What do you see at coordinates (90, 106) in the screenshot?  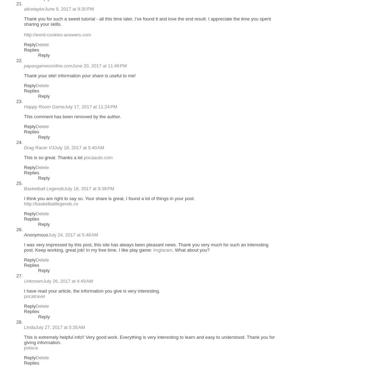 I see `'July 17, 2017 at 11:24 PM'` at bounding box center [90, 106].